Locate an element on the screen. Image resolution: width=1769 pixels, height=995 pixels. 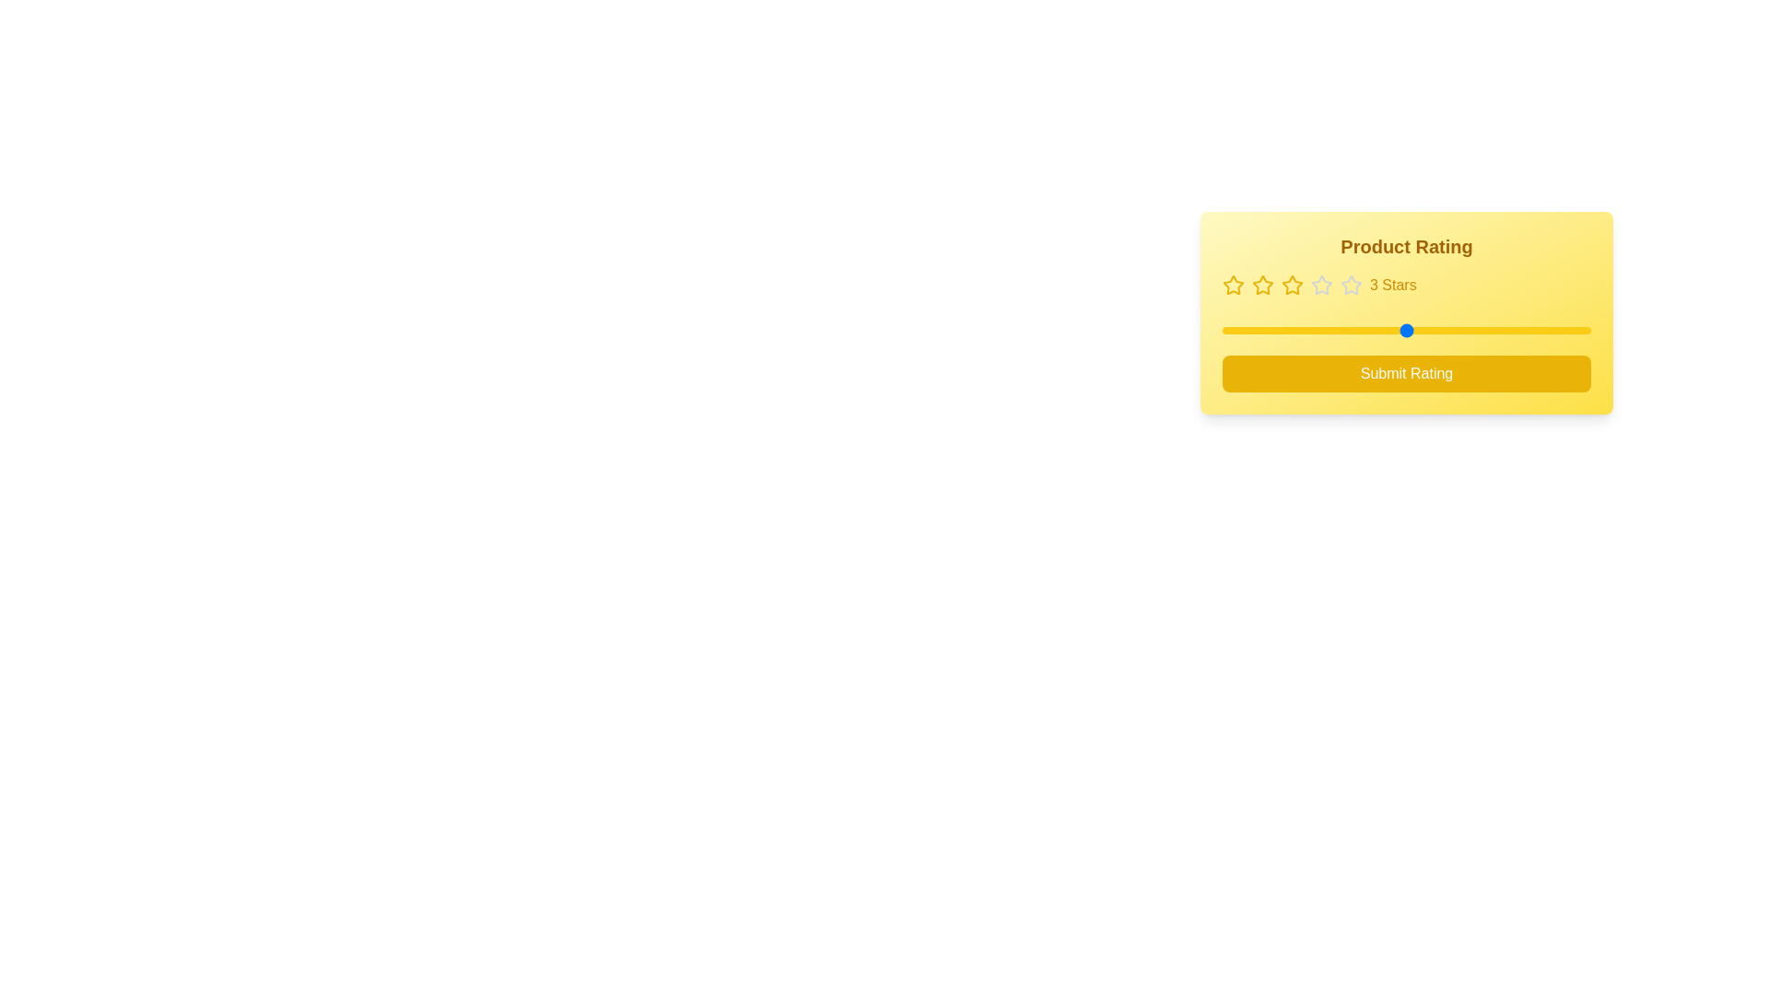
the third star icon, which represents the user's rating choice in a 3-star rating system, located between the second and fourth stars is located at coordinates (1291, 285).